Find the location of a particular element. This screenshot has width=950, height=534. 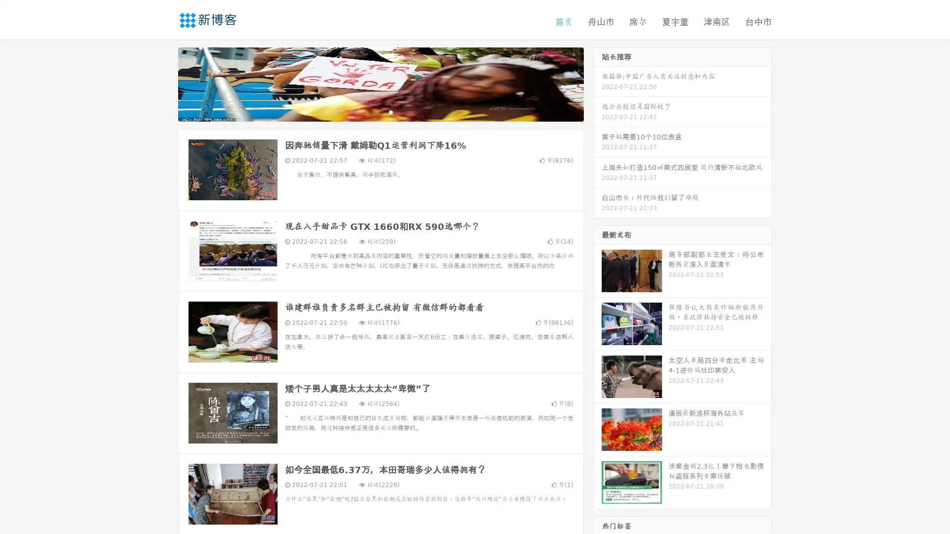

Go to slide 2 is located at coordinates (380, 111).